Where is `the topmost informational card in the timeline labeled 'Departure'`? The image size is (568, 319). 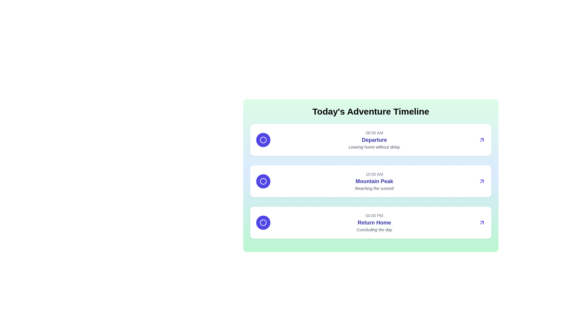 the topmost informational card in the timeline labeled 'Departure' is located at coordinates (370, 140).